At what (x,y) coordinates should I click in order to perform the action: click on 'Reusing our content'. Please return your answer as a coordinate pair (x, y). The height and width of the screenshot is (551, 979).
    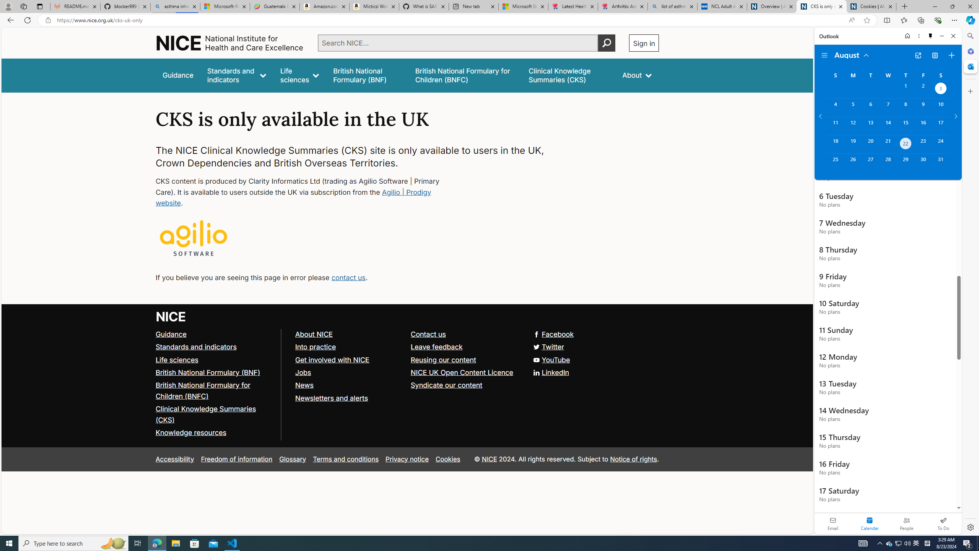
    Looking at the image, I should click on (443, 359).